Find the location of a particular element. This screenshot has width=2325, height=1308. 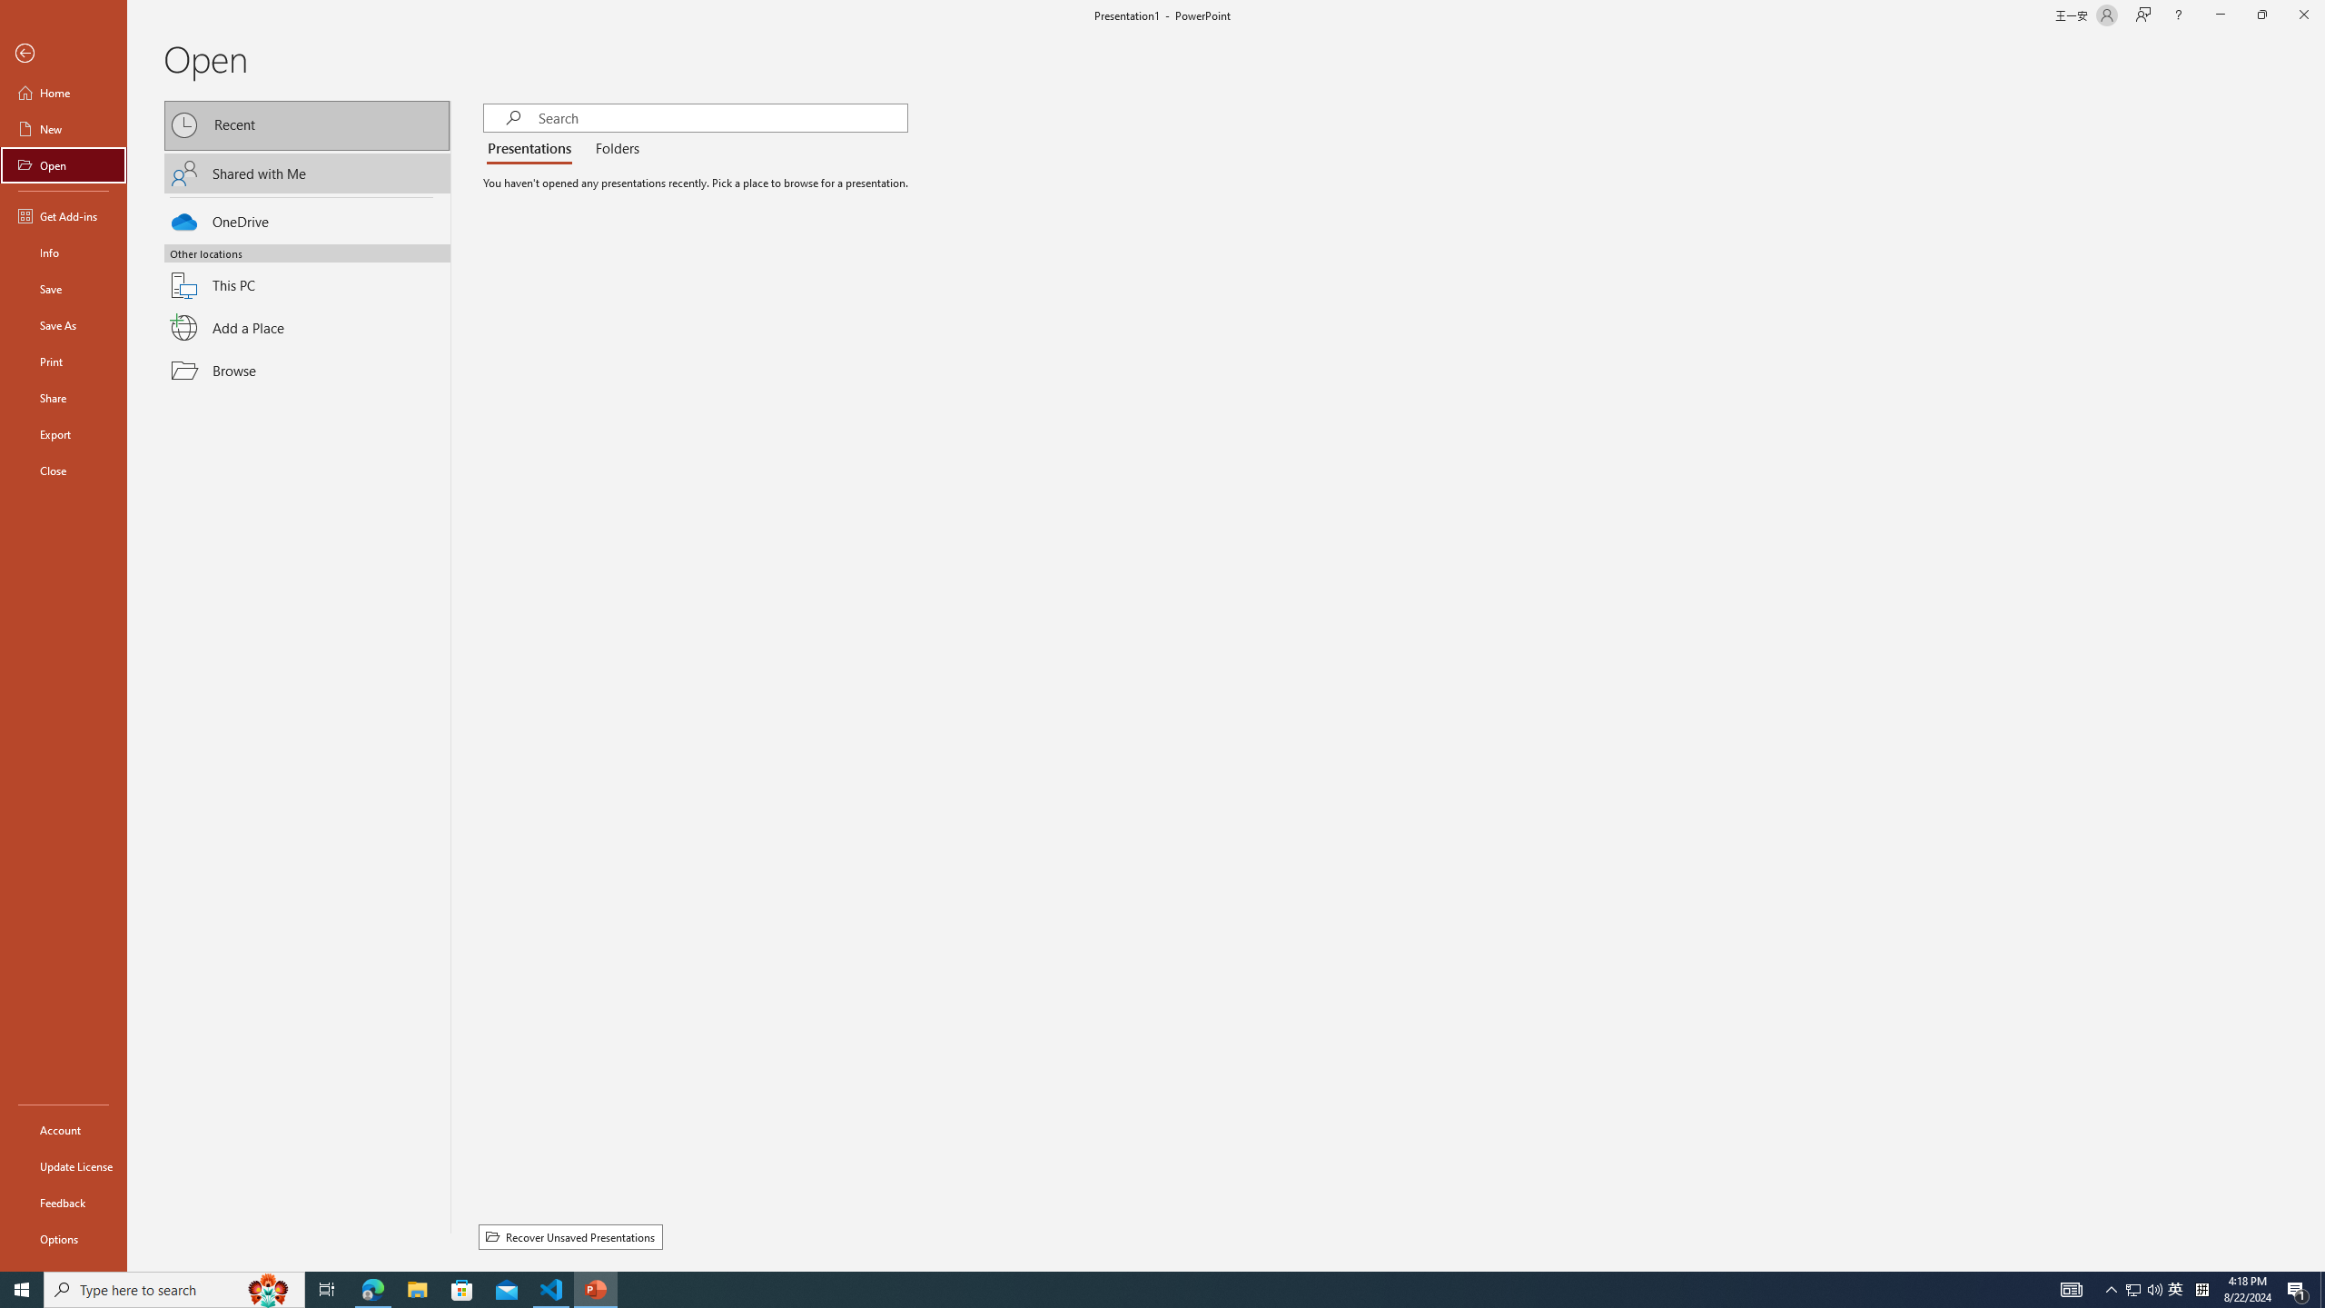

'Browse' is located at coordinates (307, 370).